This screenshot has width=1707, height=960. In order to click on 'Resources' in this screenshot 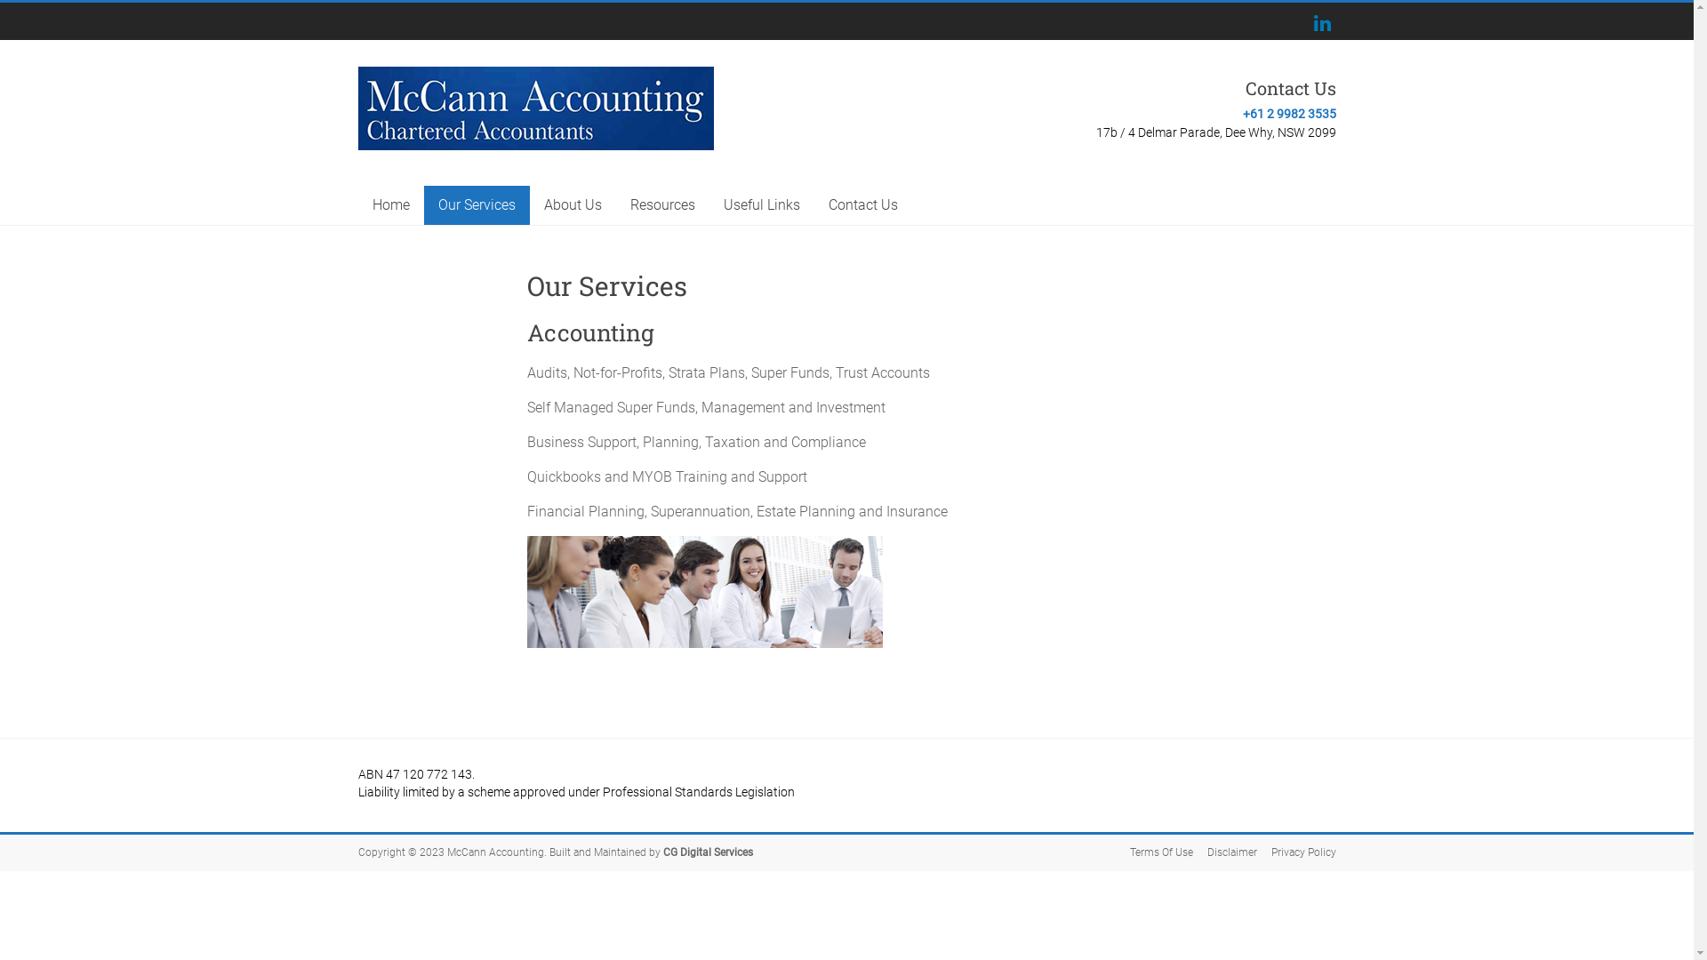, I will do `click(661, 204)`.